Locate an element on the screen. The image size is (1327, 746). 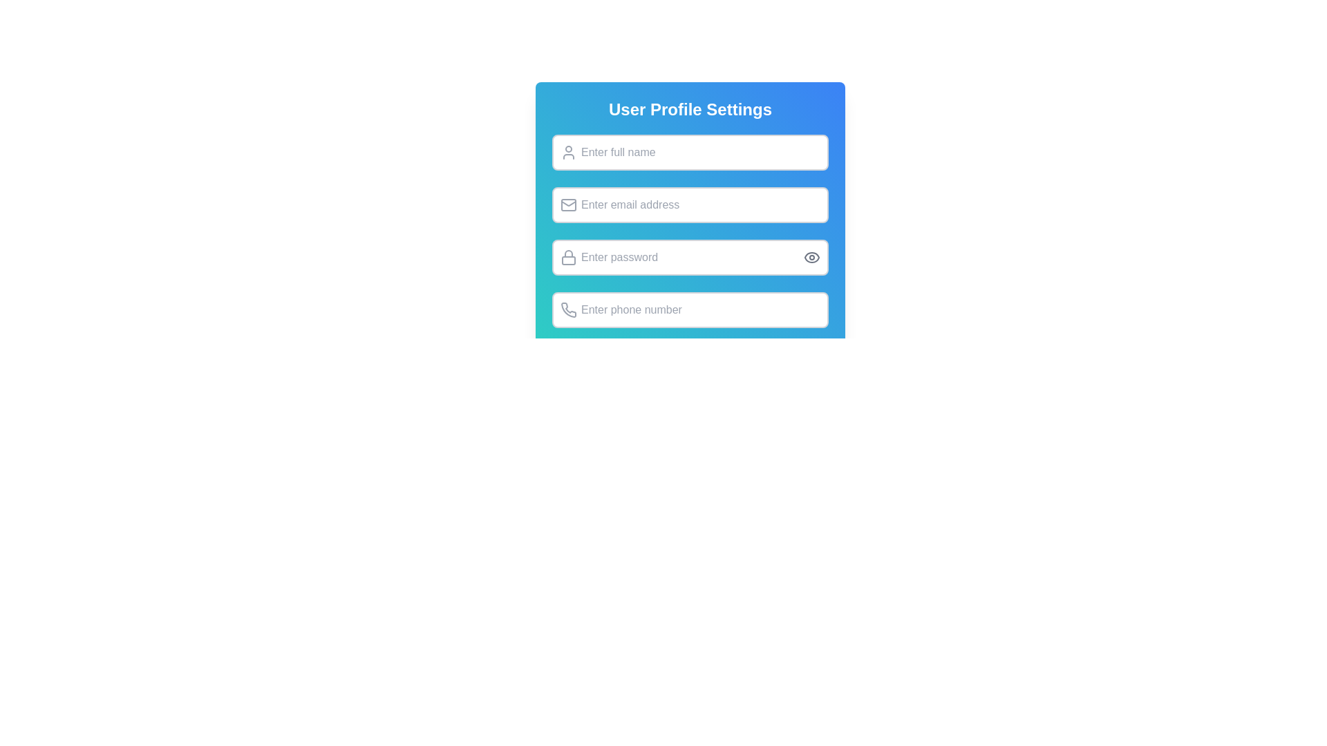
the Password Input Field that is the third input field in a vertical arrangement of form fields, located between the Email field and the Phone number field, to focus and begin typing is located at coordinates (690, 239).